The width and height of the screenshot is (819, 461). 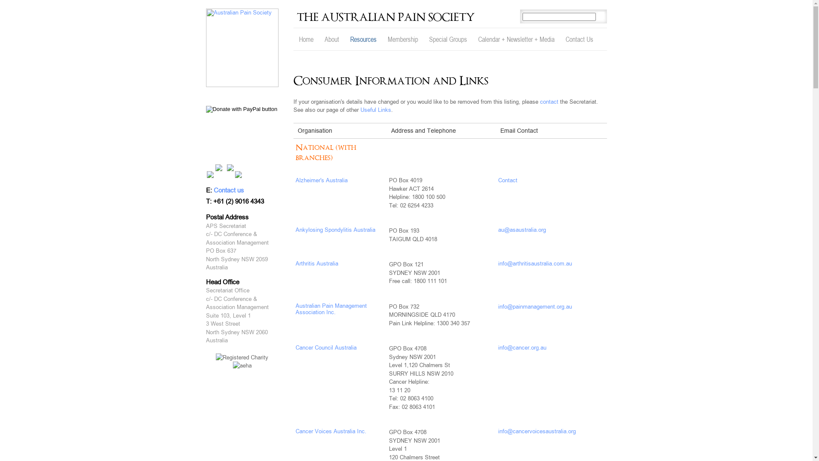 I want to click on 'Useful Links', so click(x=375, y=109).